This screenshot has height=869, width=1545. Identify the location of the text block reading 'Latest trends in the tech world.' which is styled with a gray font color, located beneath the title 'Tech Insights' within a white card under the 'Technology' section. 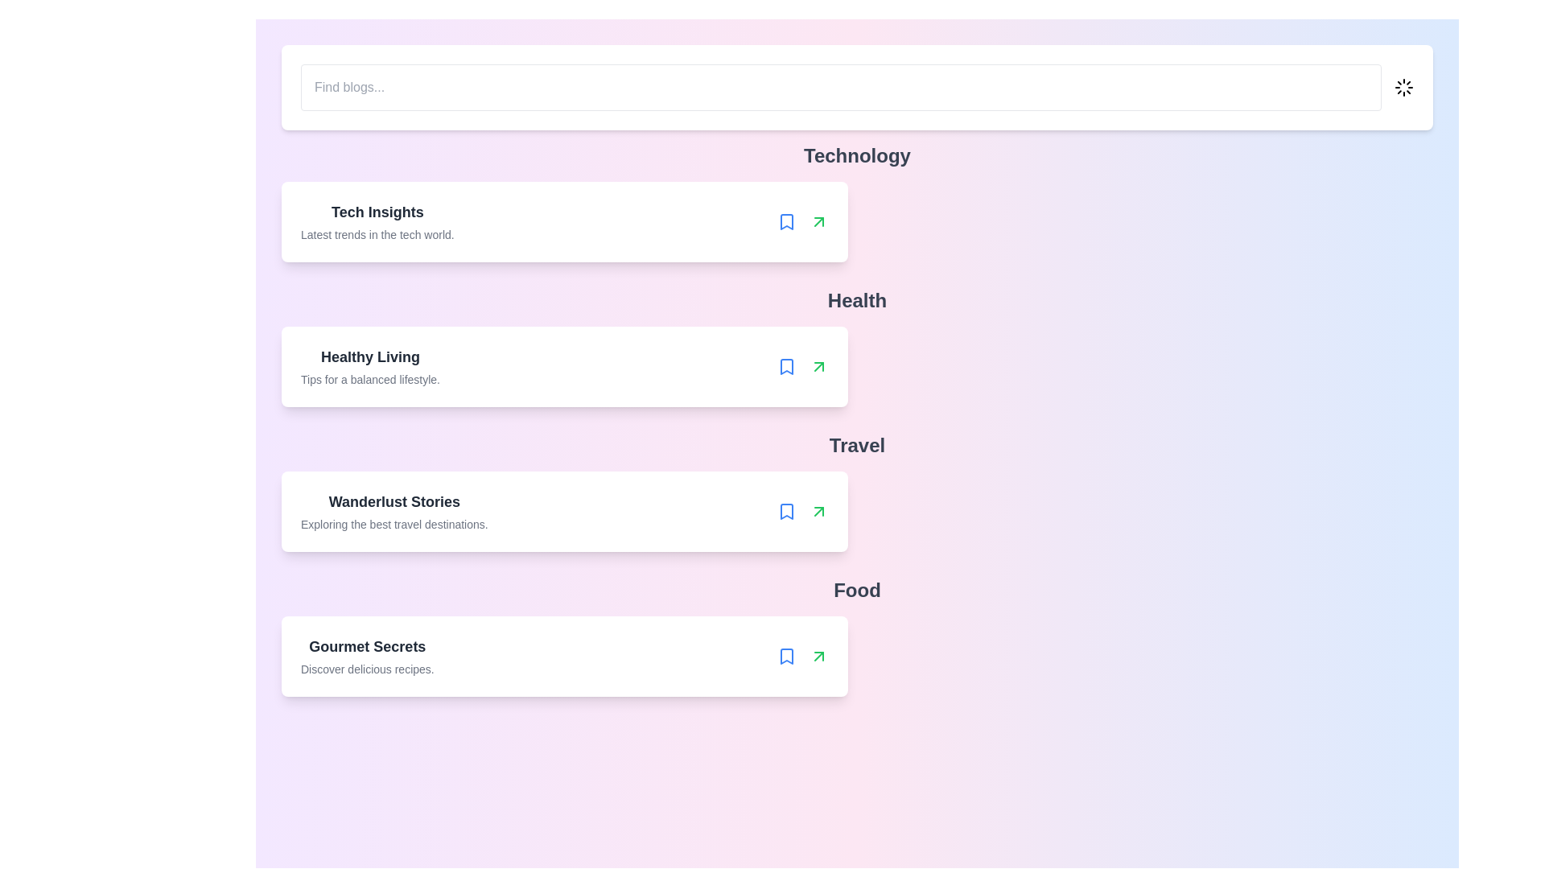
(377, 235).